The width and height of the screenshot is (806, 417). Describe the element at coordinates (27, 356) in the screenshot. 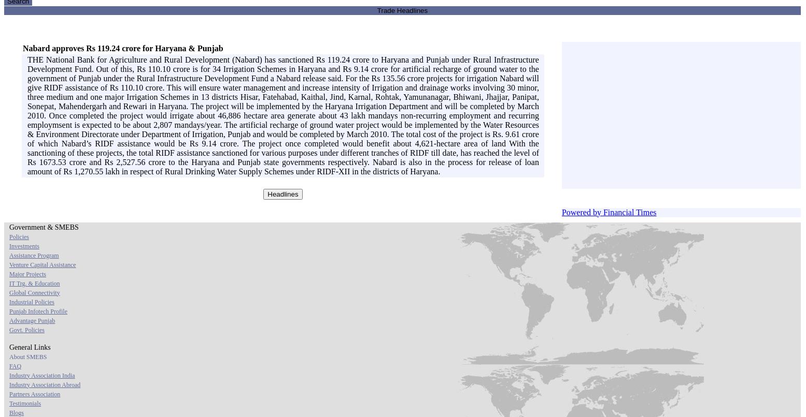

I see `'About SMEBS'` at that location.